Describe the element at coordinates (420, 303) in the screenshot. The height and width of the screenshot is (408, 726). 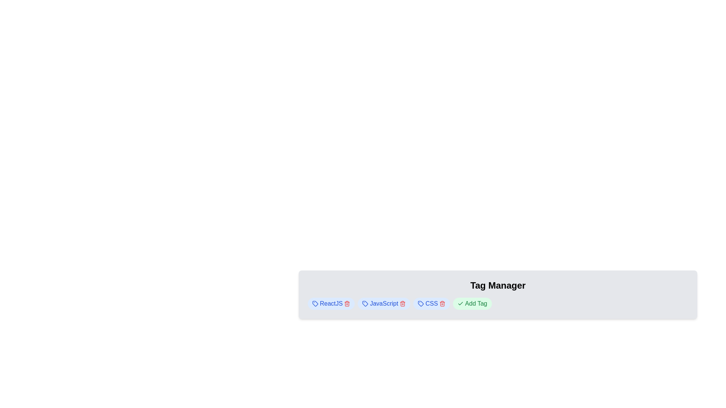
I see `the 'tag' icon, which is a minimalist vector graphic used for labeling or categorization, located to the right of the text labels 'ReactJS', 'JavaScript', and 'CSS', adjacent to the 'Add Tag' button` at that location.